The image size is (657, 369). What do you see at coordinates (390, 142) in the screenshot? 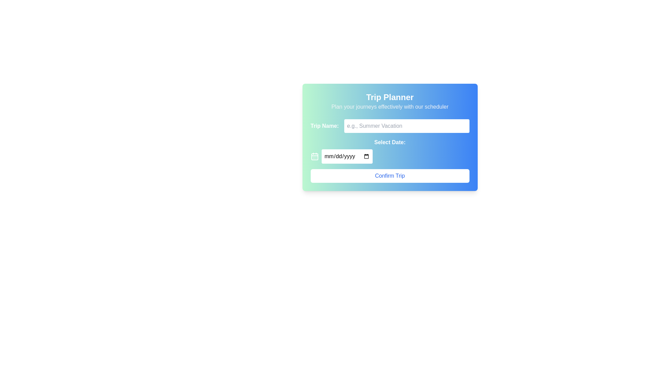
I see `the 'Select Date:' text label, which is displayed in bold white font on a gradient blue background, located to the right of a calendar icon and above a date input field` at bounding box center [390, 142].